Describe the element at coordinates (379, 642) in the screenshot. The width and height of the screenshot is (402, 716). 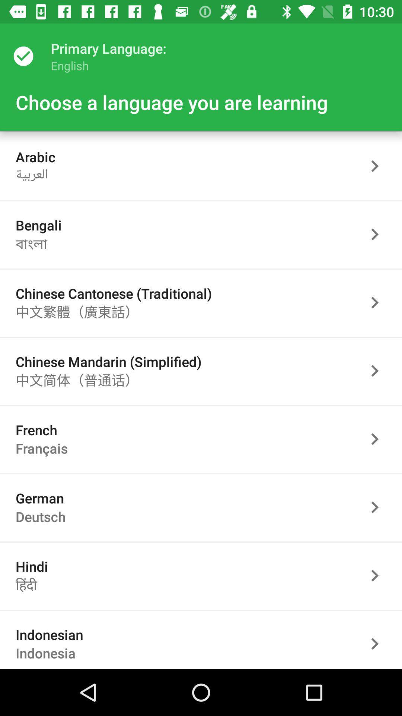
I see `language as indonesian` at that location.